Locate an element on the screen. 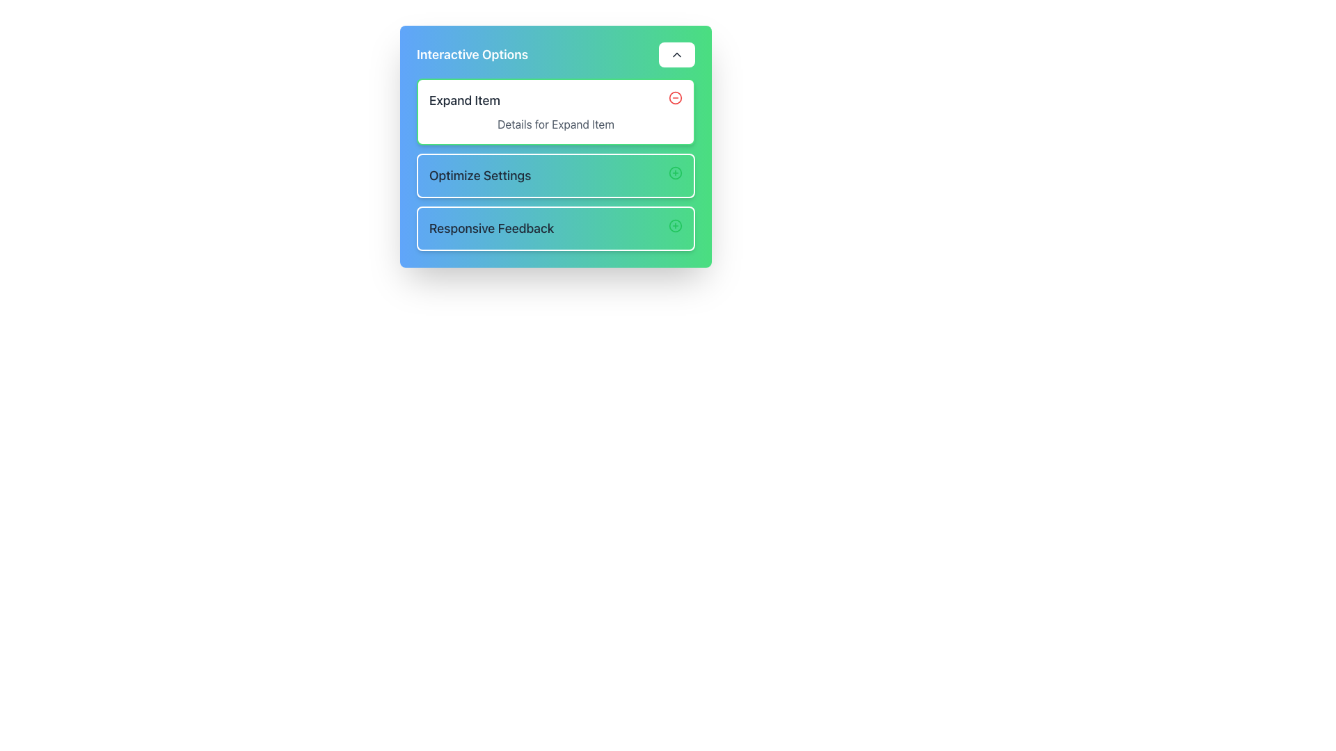 This screenshot has height=751, width=1336. text from the 'Responsive Feedback' text label, which is styled with a medium-sized bold font and is positioned in the third row of a vertically stacked layout, to the left of an addition icon and below the 'Optimize Settings' row is located at coordinates (491, 227).